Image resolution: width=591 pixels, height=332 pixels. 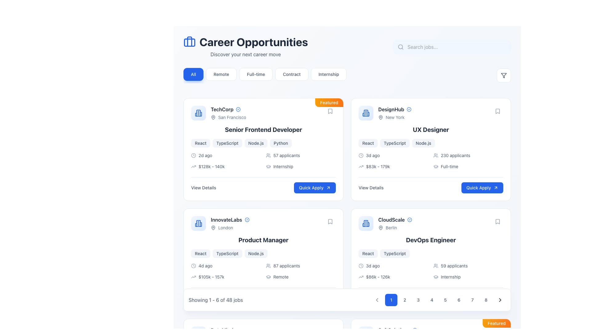 I want to click on the Information Display Panel displaying the company name 'CloudScale' with a verified badge, located at the top of the job card for 'DevOps Engineer', so click(x=431, y=223).